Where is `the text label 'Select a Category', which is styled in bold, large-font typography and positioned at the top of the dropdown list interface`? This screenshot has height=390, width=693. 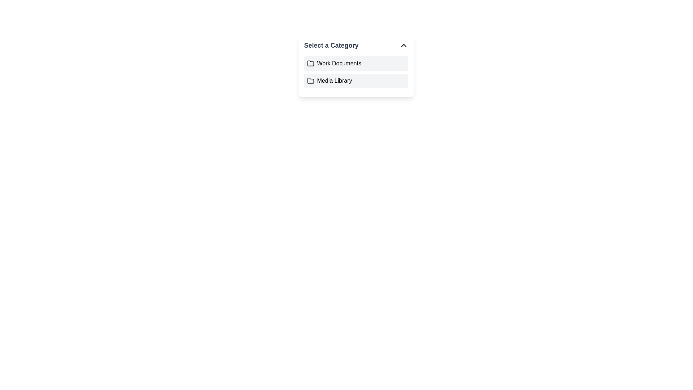
the text label 'Select a Category', which is styled in bold, large-font typography and positioned at the top of the dropdown list interface is located at coordinates (331, 45).